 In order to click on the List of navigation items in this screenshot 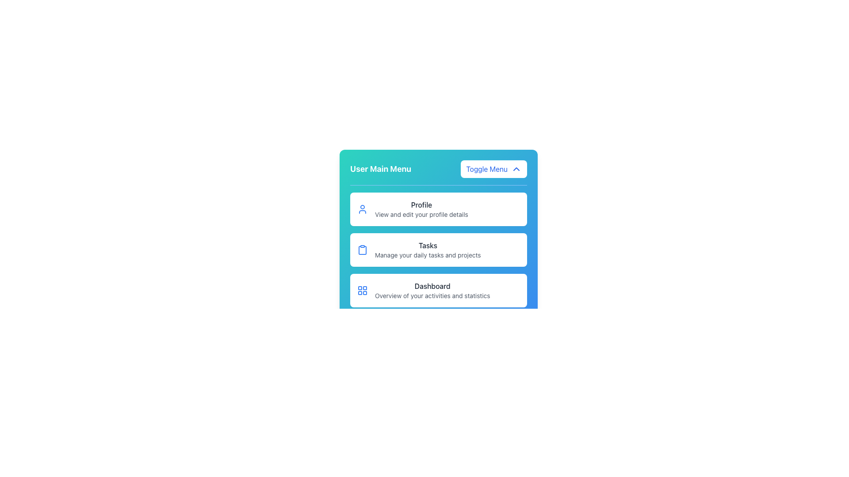, I will do `click(439, 270)`.